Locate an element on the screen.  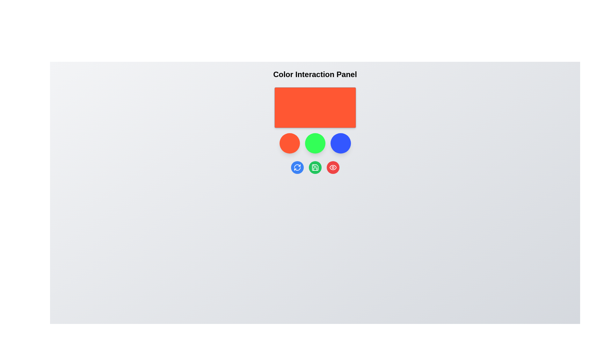
the green circular button with a white save icon is located at coordinates (315, 167).